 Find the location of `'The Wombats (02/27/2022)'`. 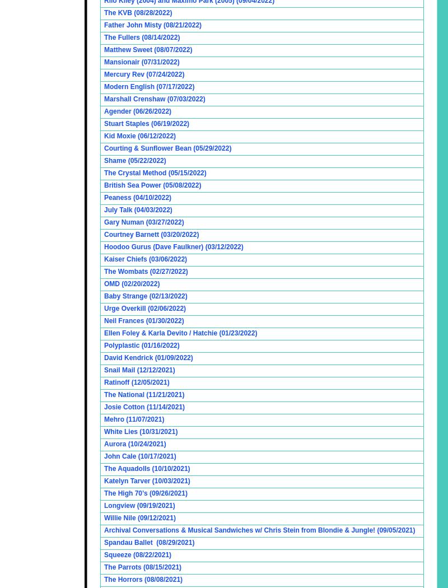

'The Wombats (02/27/2022)' is located at coordinates (145, 271).